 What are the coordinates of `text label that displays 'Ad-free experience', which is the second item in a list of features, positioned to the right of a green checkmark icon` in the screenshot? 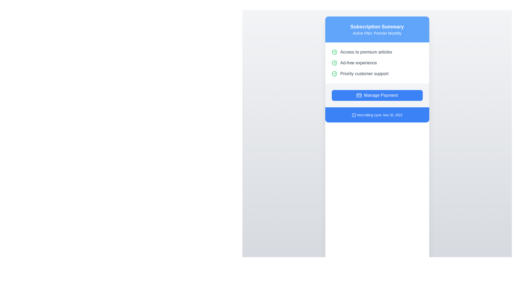 It's located at (359, 62).